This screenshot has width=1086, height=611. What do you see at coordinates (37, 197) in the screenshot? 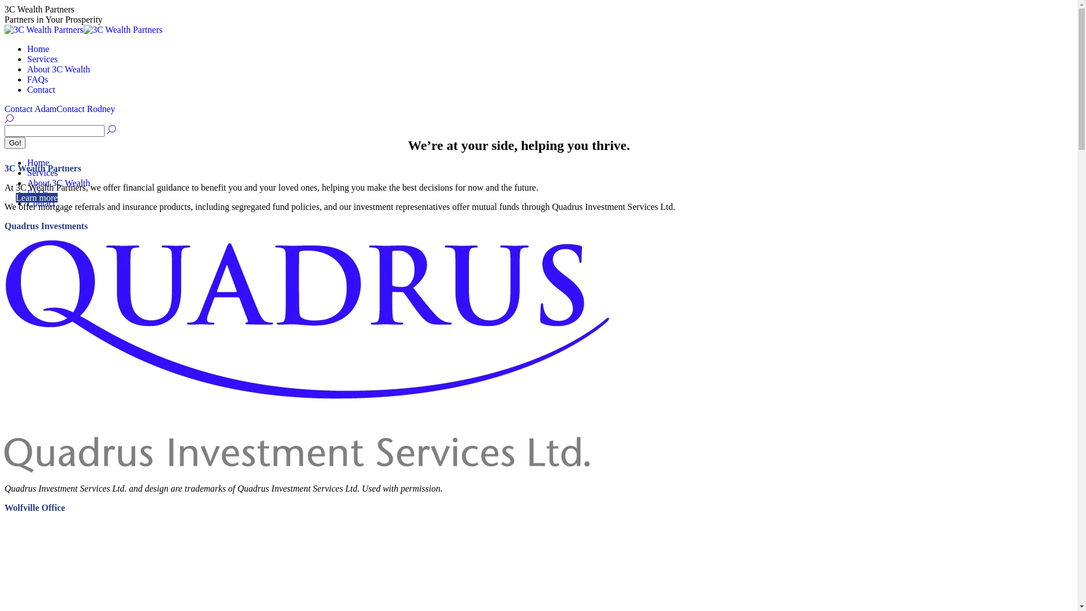
I see `'Learn more'` at bounding box center [37, 197].